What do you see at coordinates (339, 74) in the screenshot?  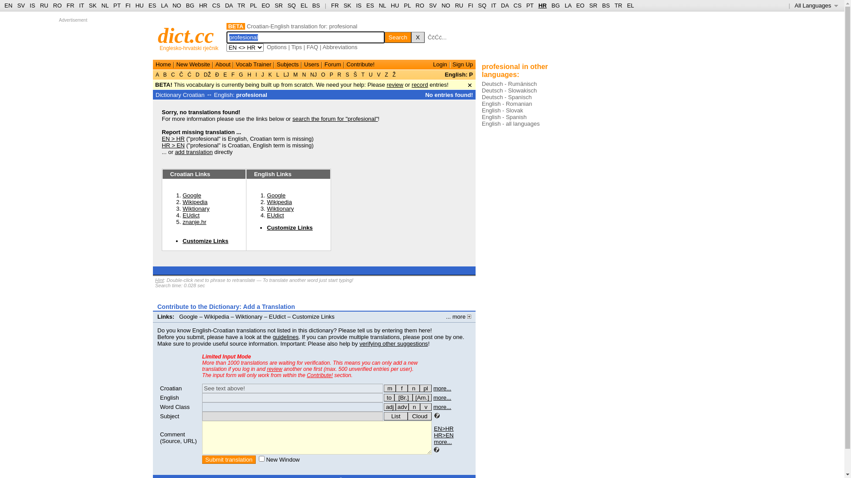 I see `'R'` at bounding box center [339, 74].